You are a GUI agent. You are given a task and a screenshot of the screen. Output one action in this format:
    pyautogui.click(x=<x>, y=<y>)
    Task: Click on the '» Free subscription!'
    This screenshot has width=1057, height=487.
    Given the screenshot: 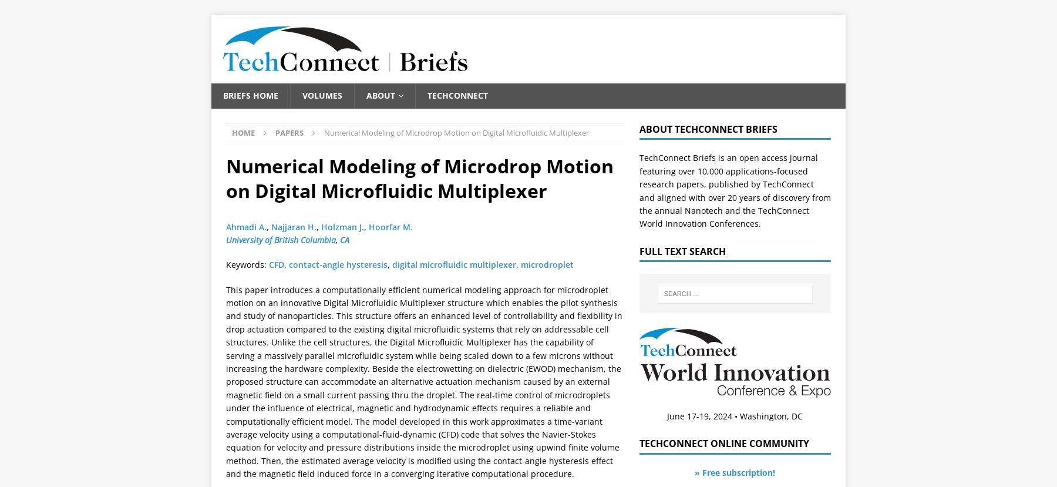 What is the action you would take?
    pyautogui.click(x=735, y=471)
    